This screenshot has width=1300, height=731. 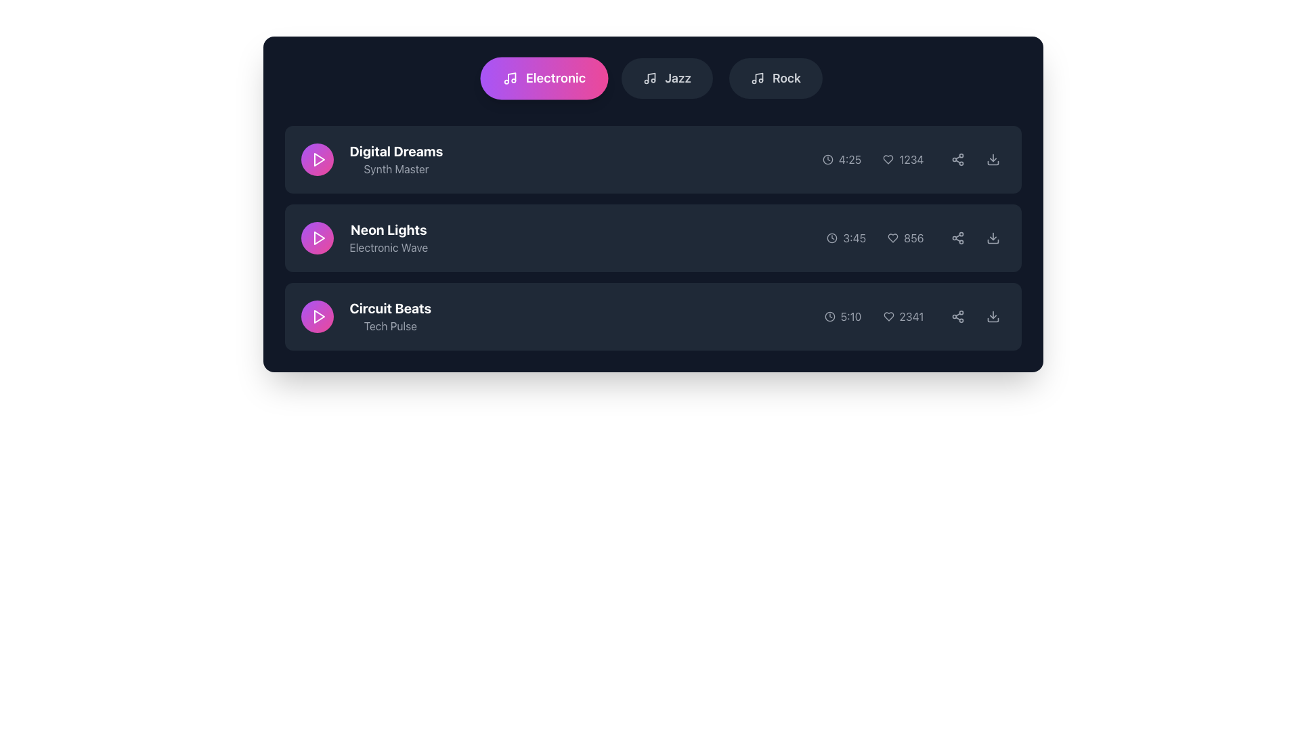 What do you see at coordinates (786, 78) in the screenshot?
I see `the text label for the music genre selection interface` at bounding box center [786, 78].